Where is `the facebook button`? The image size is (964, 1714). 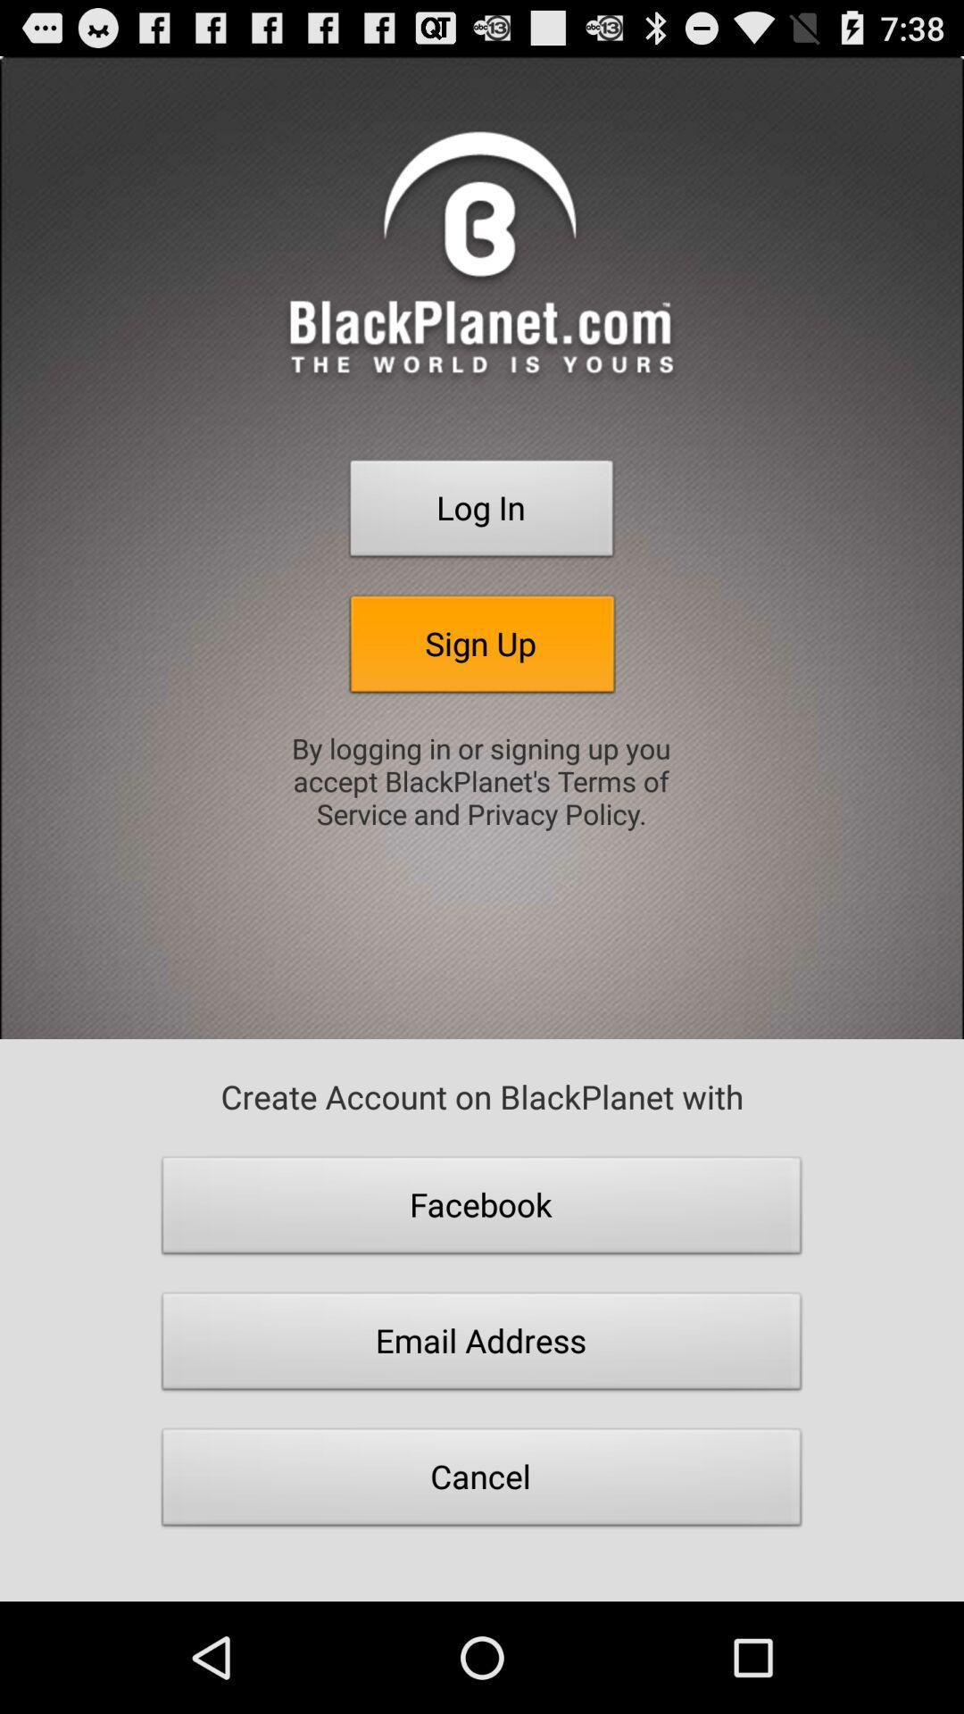
the facebook button is located at coordinates (482, 1210).